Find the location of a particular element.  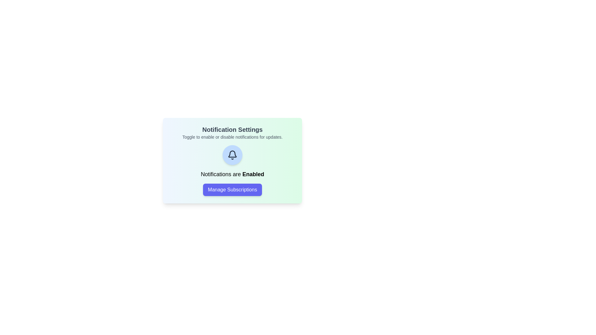

the 'Manage Subscriptions' button to open the subscription management interface is located at coordinates (232, 190).